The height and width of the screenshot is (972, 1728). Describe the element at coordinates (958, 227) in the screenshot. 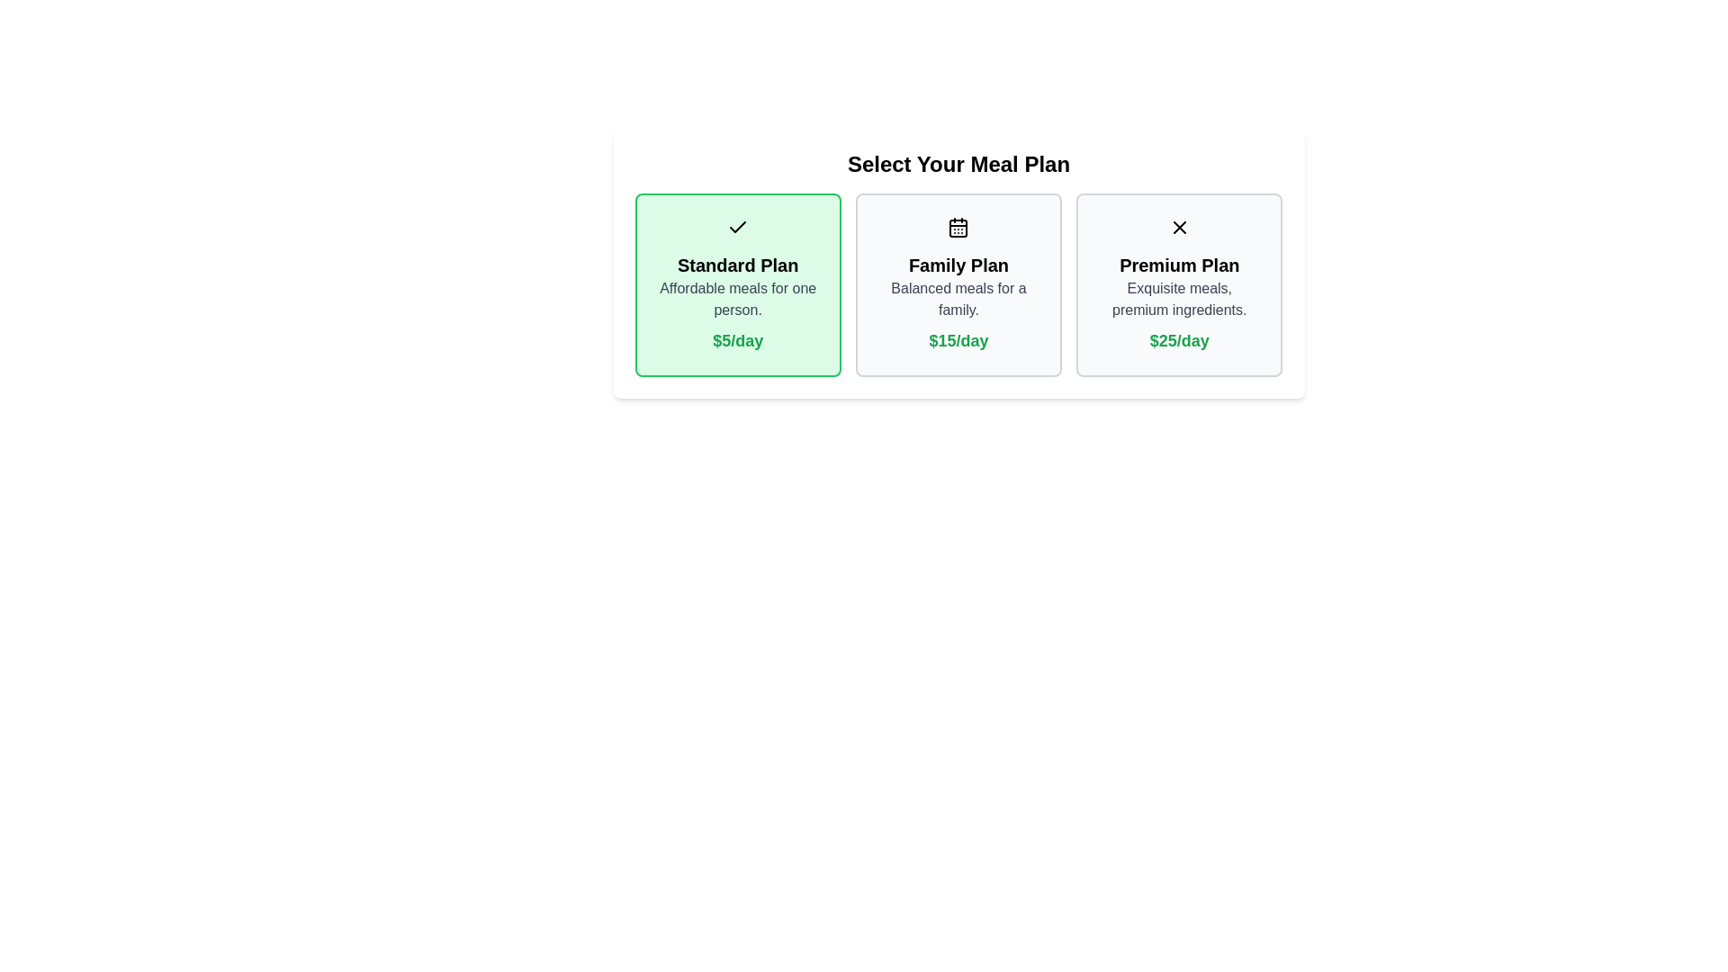

I see `the scheduling icon located at the top center of the 'Family Plan' card, which symbolizes the scheduling or dates aspect of the offering` at that location.